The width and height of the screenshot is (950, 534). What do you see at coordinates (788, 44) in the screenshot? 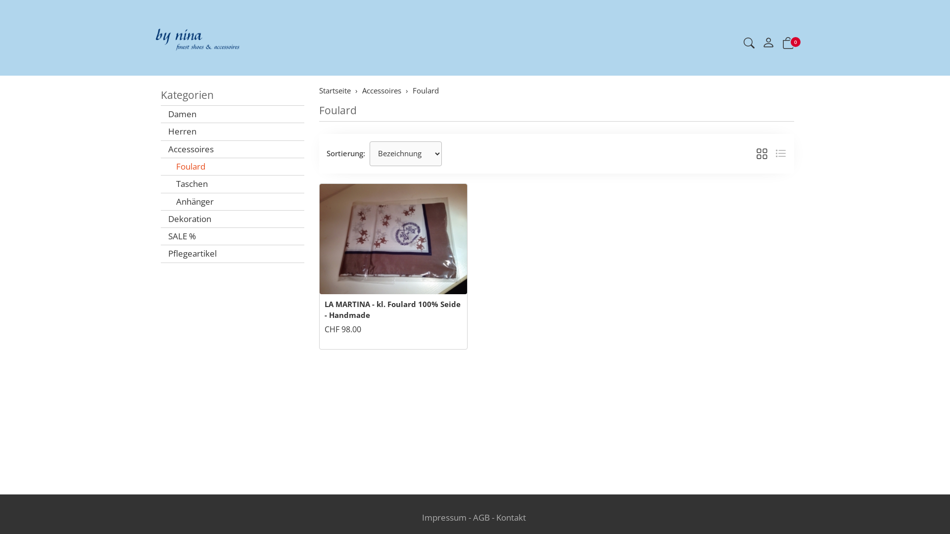
I see `'0'` at bounding box center [788, 44].